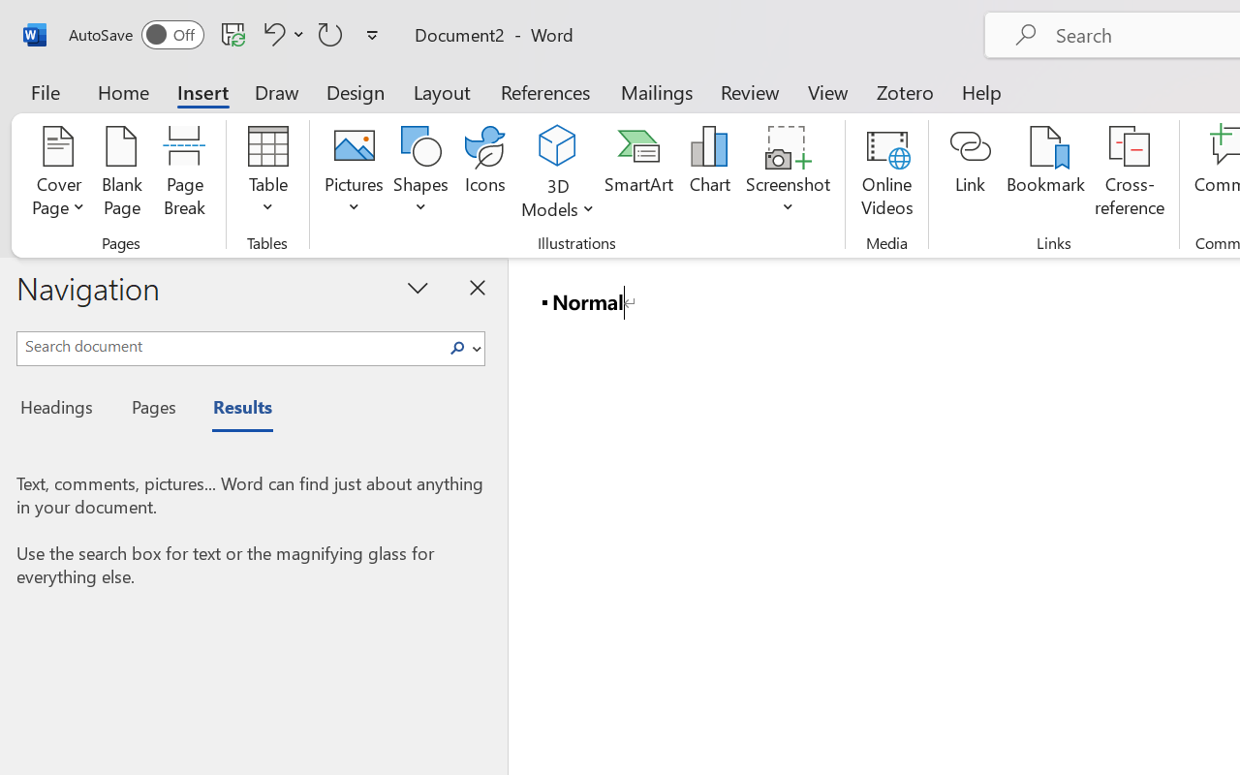 Image resolution: width=1240 pixels, height=775 pixels. What do you see at coordinates (904, 91) in the screenshot?
I see `'Zotero'` at bounding box center [904, 91].